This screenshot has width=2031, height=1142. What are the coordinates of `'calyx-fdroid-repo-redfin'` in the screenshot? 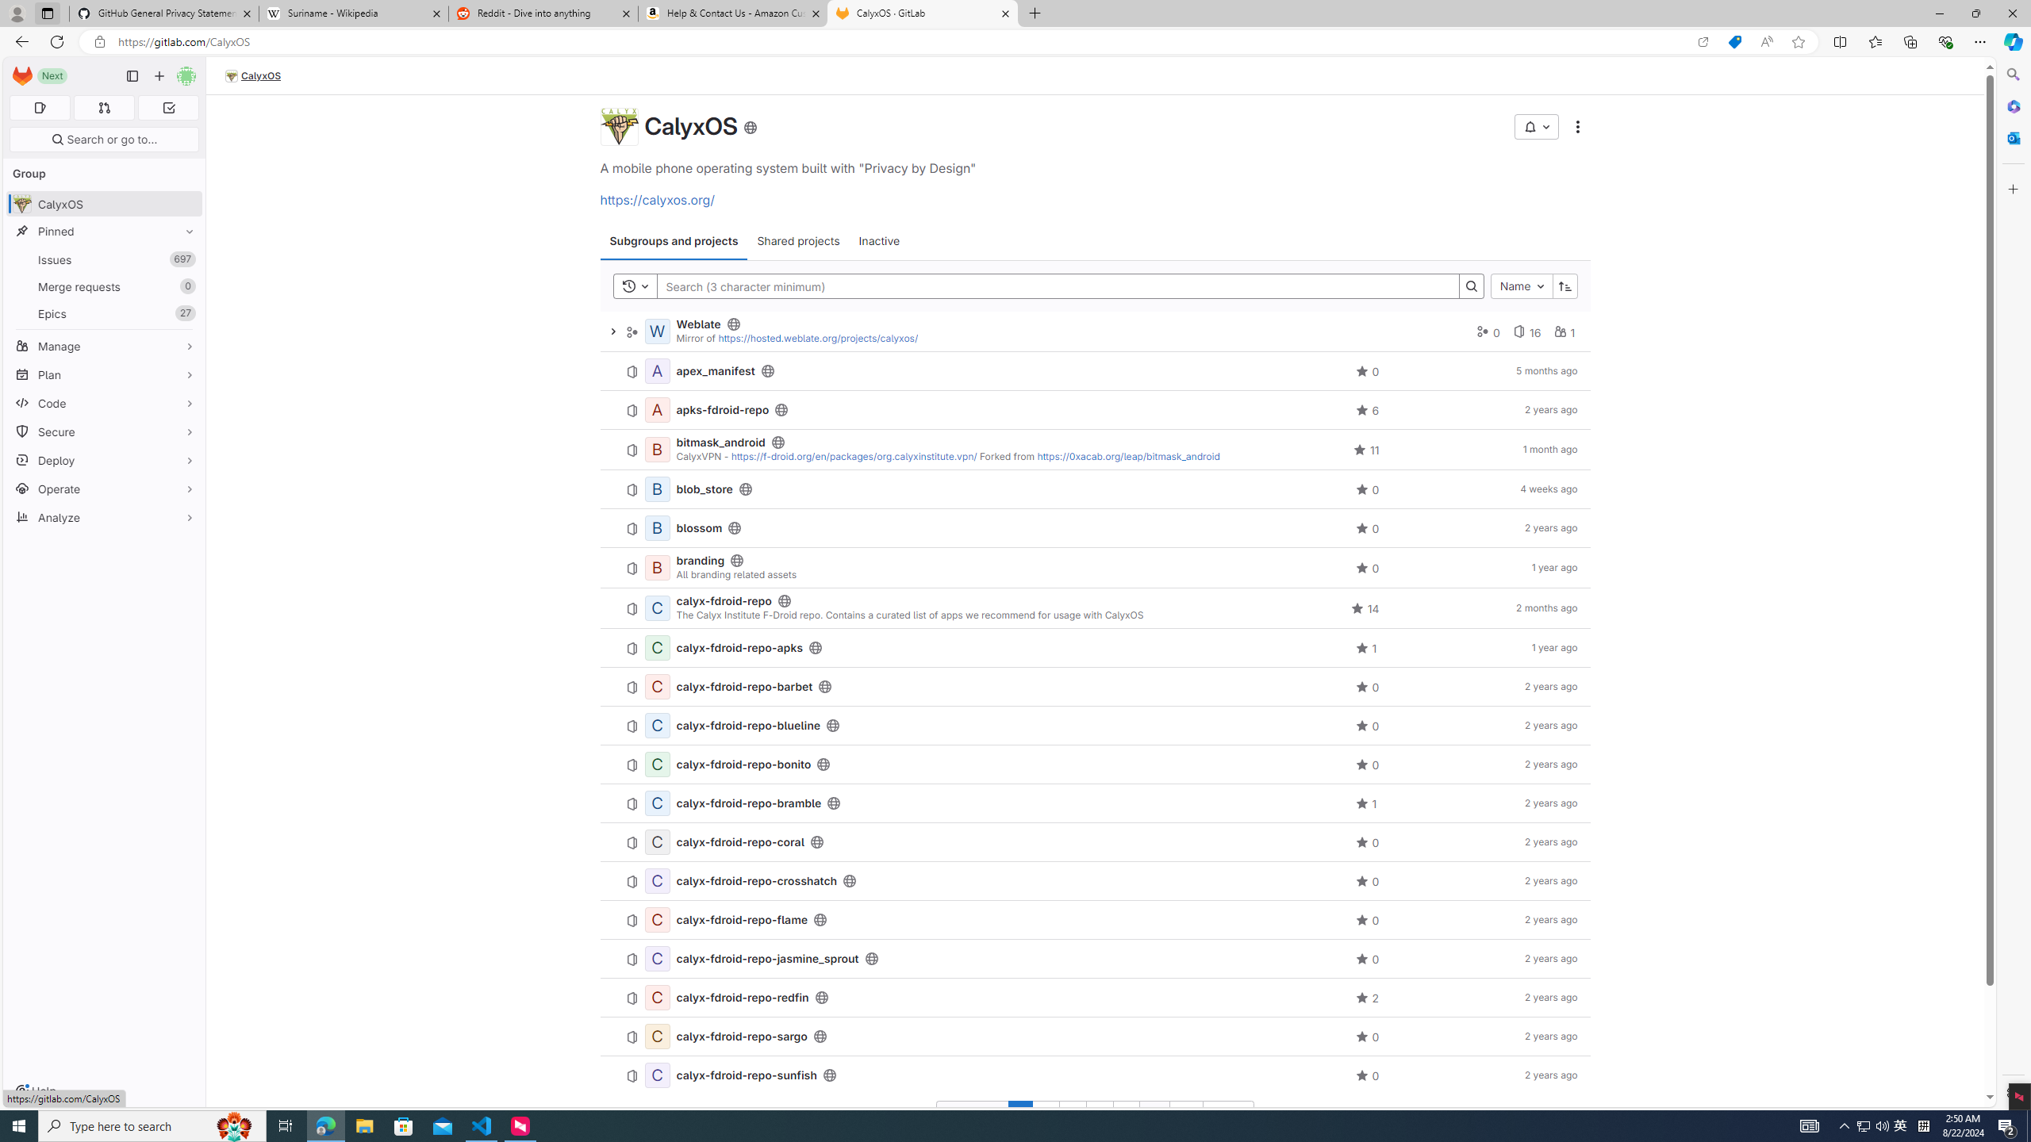 It's located at (741, 996).